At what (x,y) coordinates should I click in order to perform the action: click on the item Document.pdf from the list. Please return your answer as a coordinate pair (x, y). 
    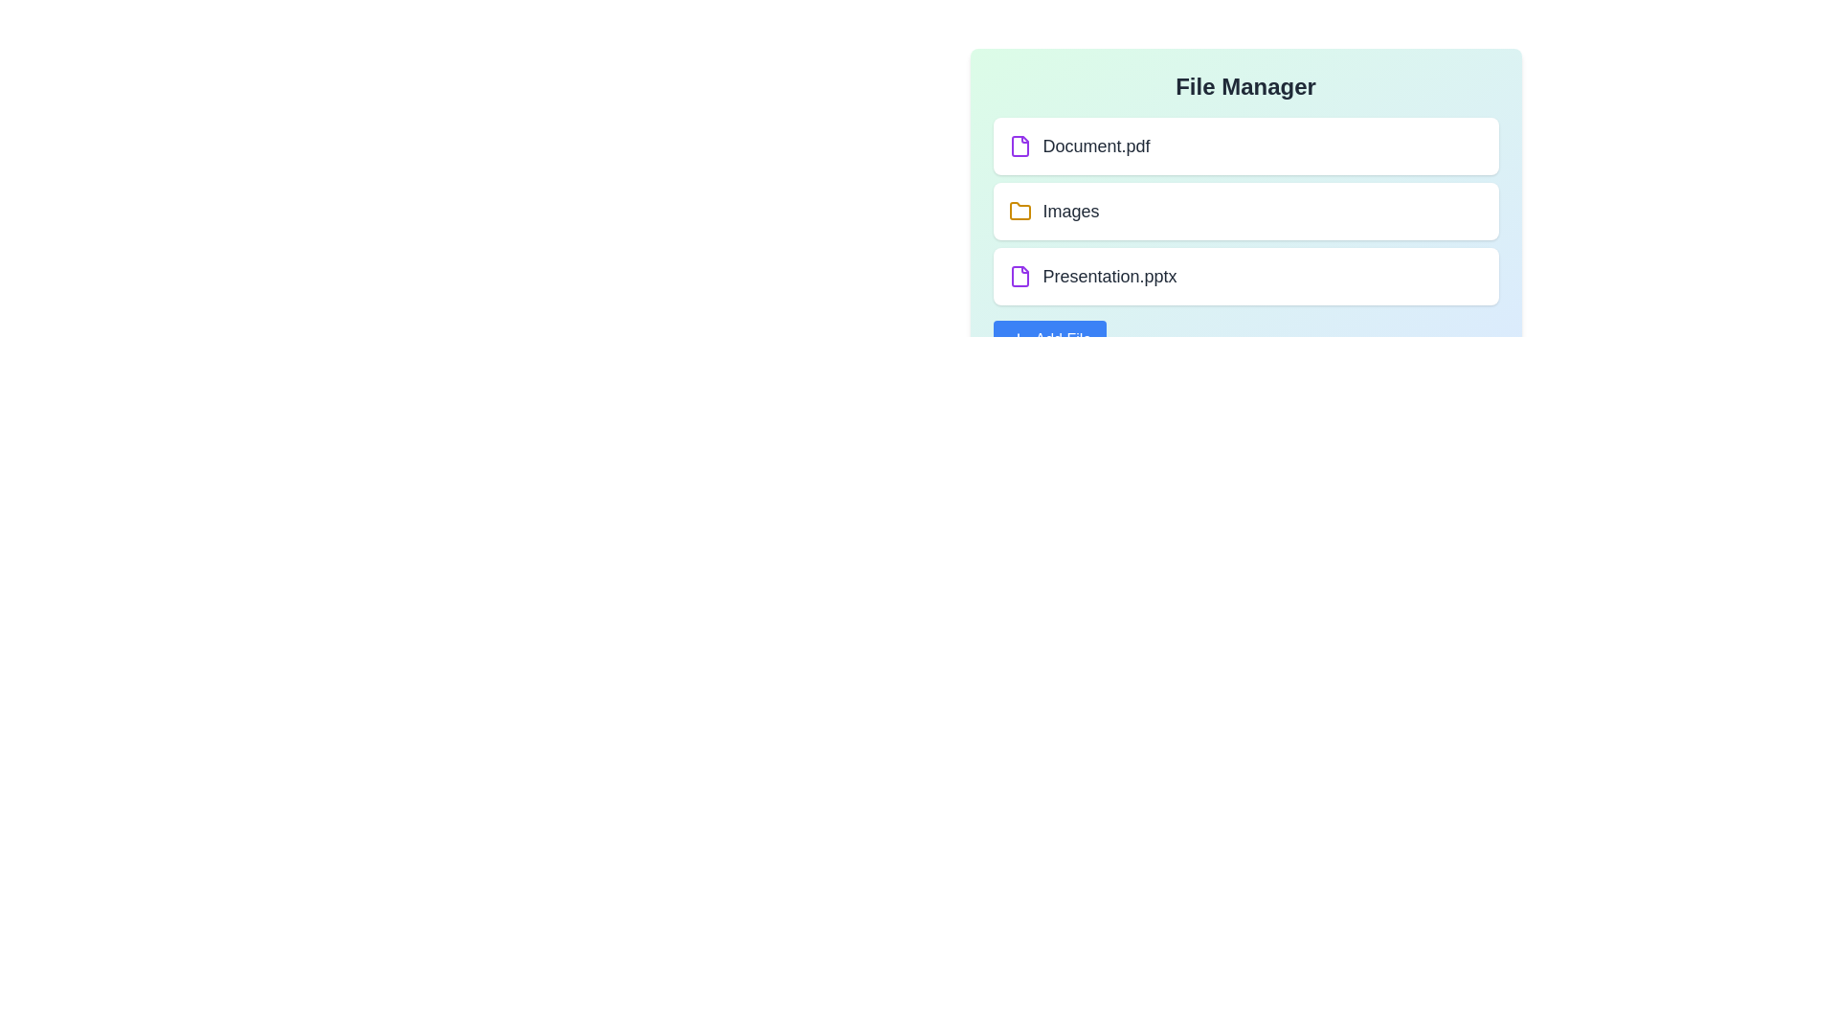
    Looking at the image, I should click on (1245, 146).